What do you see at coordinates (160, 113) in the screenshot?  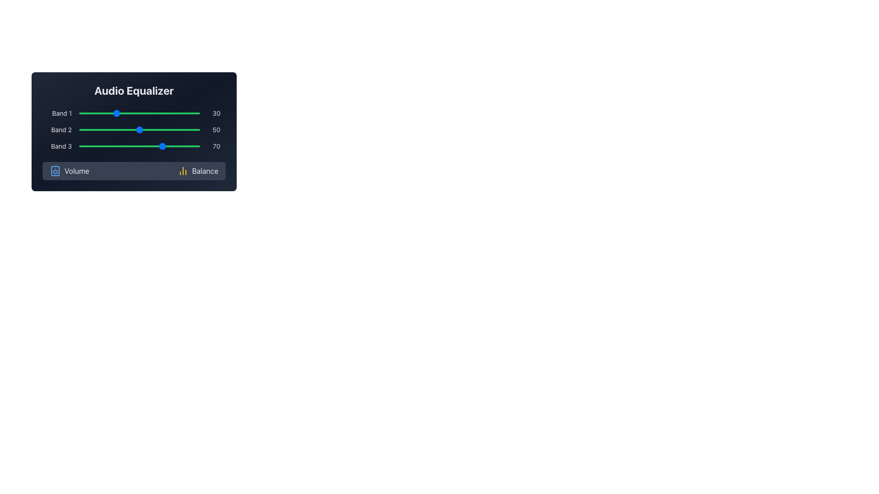 I see `Band 1 equalizer value` at bounding box center [160, 113].